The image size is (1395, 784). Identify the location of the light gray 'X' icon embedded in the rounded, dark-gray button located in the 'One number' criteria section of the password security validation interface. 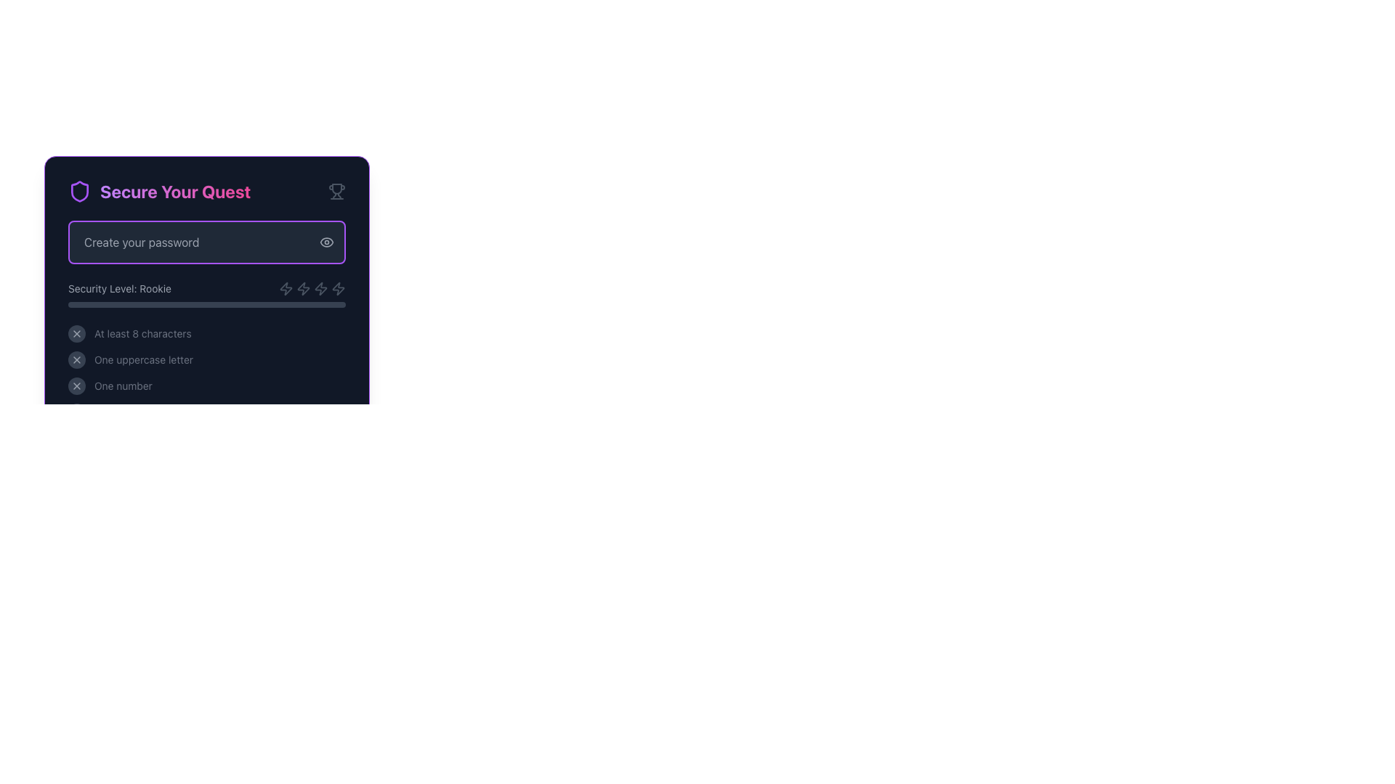
(76, 385).